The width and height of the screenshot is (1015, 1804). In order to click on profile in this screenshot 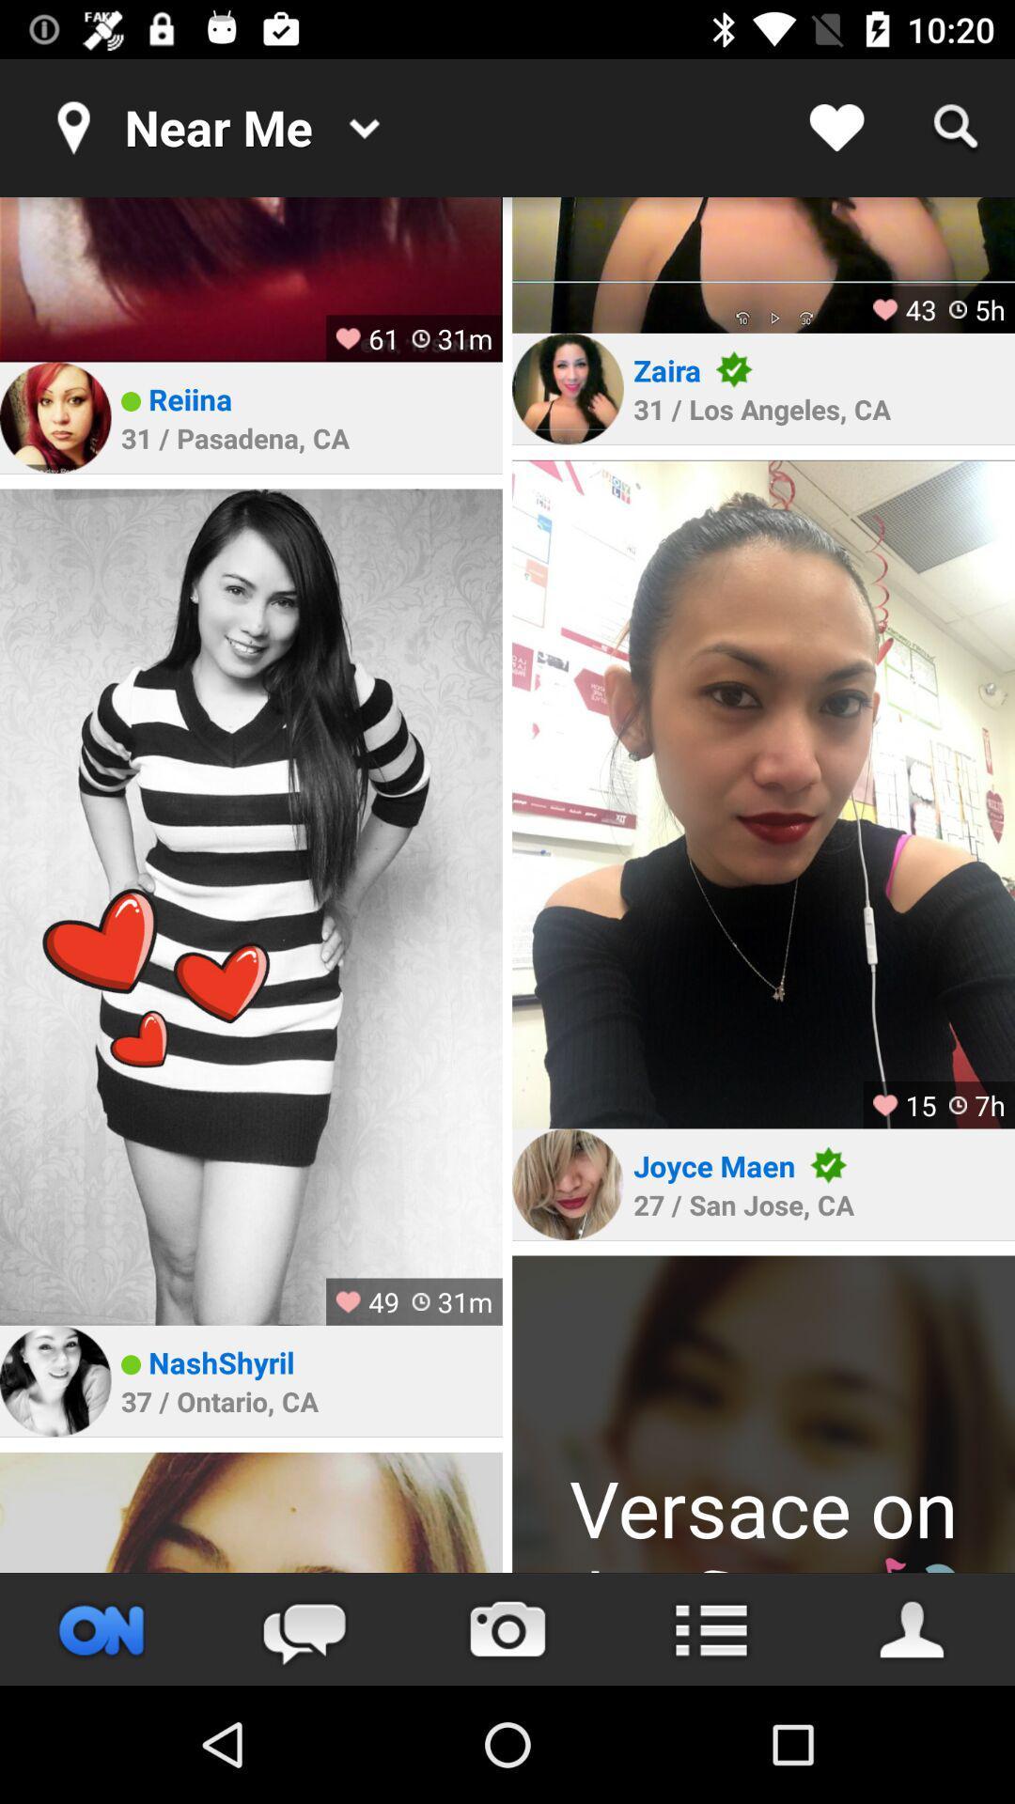, I will do `click(763, 794)`.